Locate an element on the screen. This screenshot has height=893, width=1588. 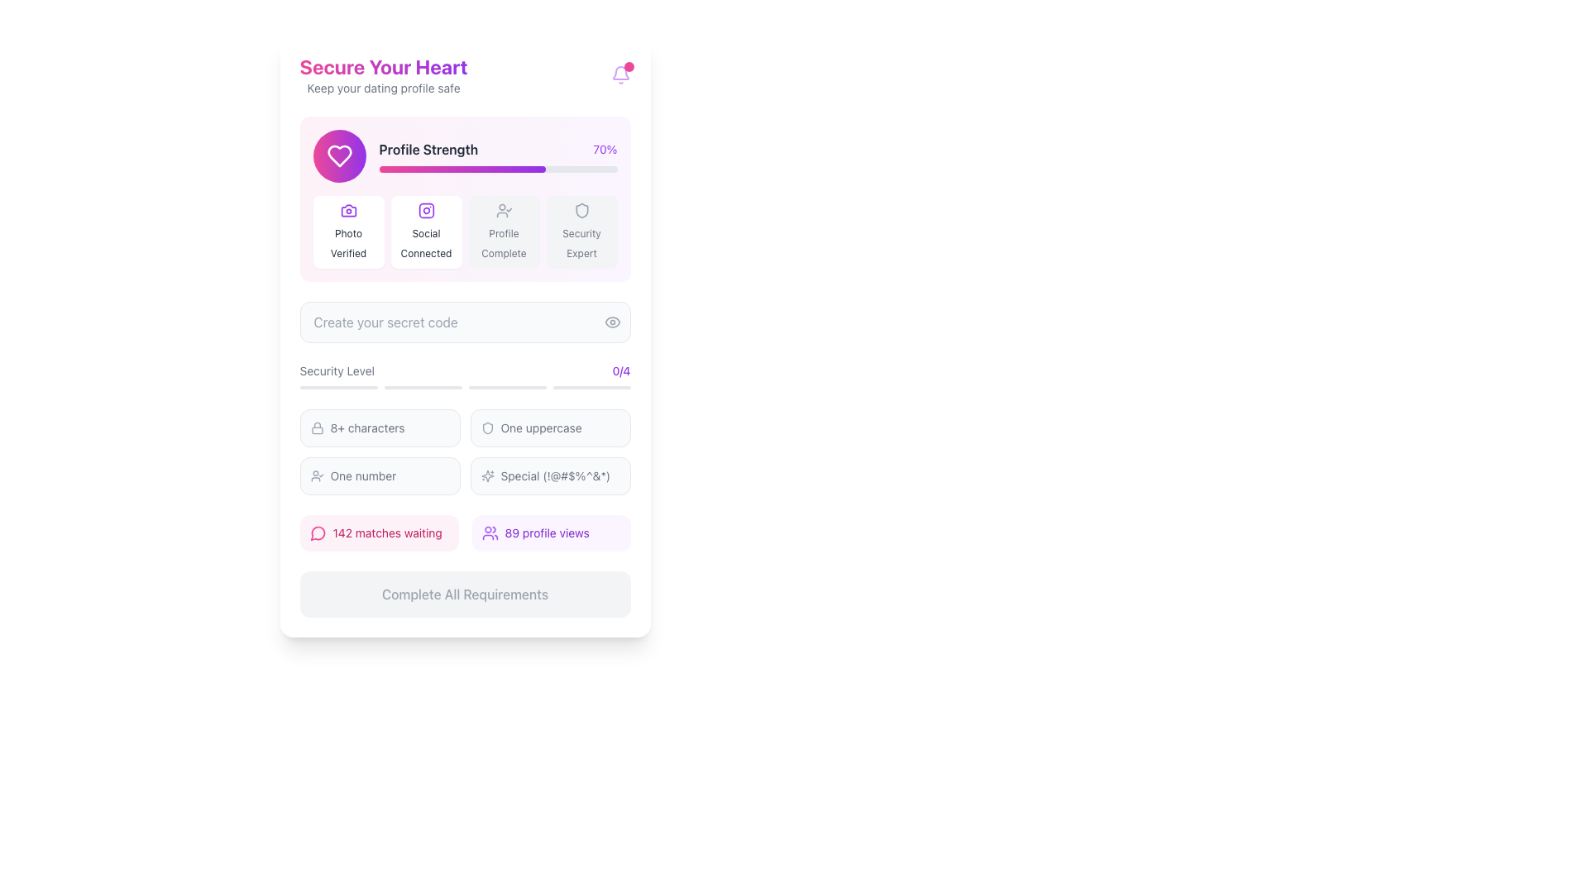
the camera icon located in the top section of the card UI, which is the first icon in the horizontal row of profile enhancement features is located at coordinates (347, 209).